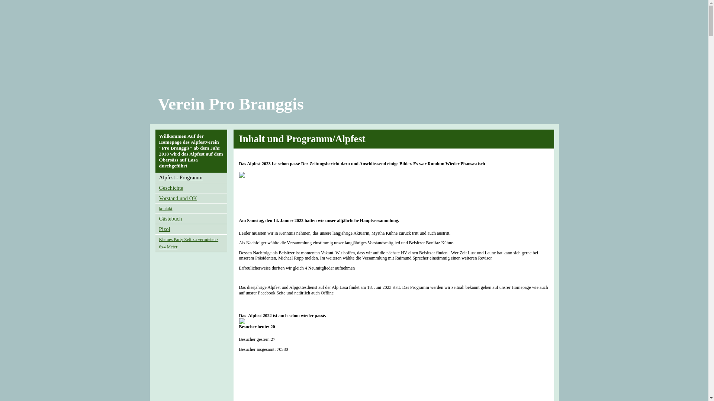 Image resolution: width=714 pixels, height=401 pixels. What do you see at coordinates (164, 229) in the screenshot?
I see `'Pizol'` at bounding box center [164, 229].